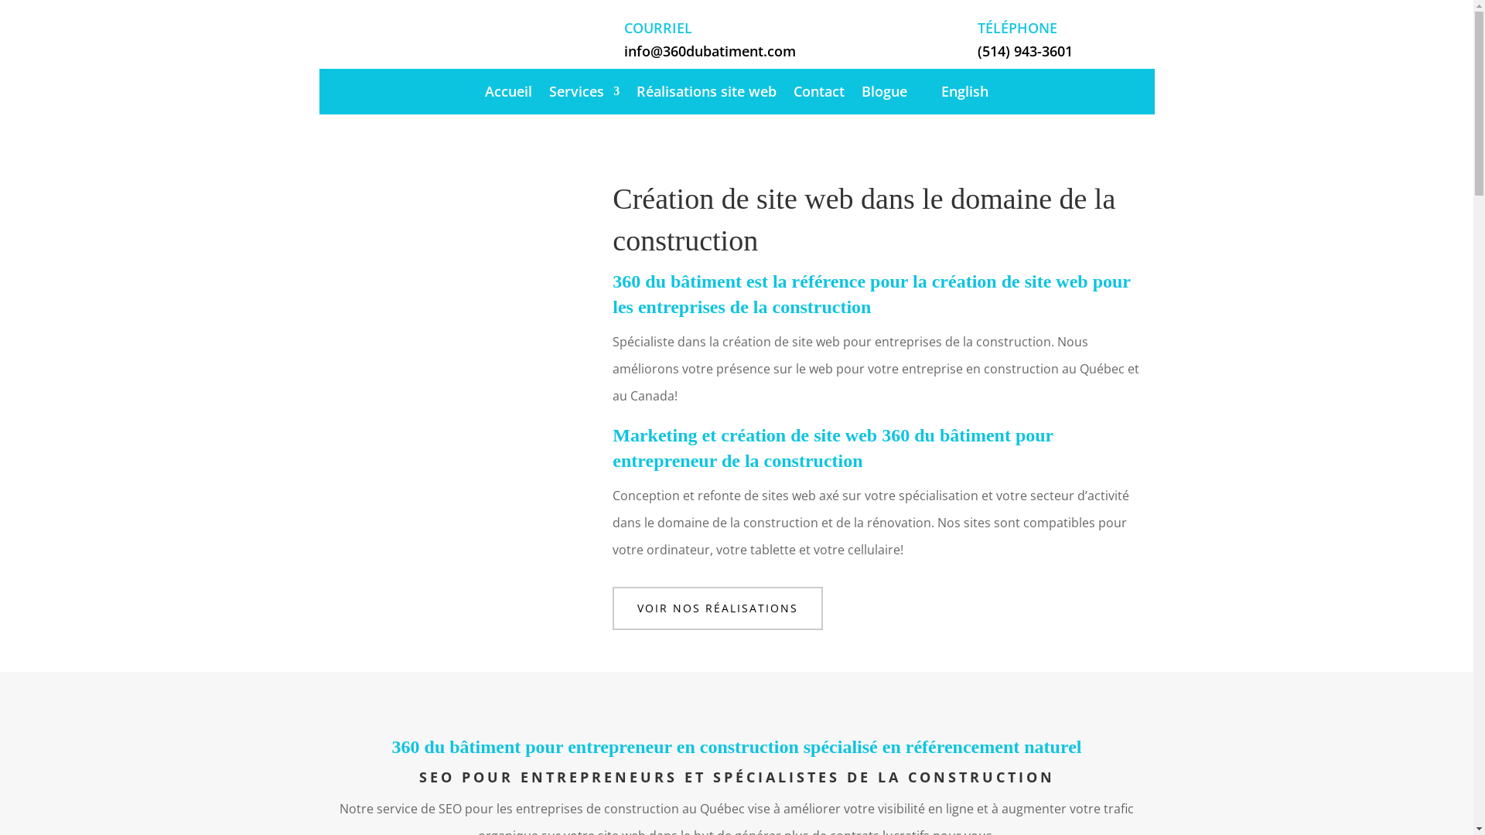 The height and width of the screenshot is (835, 1485). I want to click on '(514) 943-3601', so click(1025, 49).